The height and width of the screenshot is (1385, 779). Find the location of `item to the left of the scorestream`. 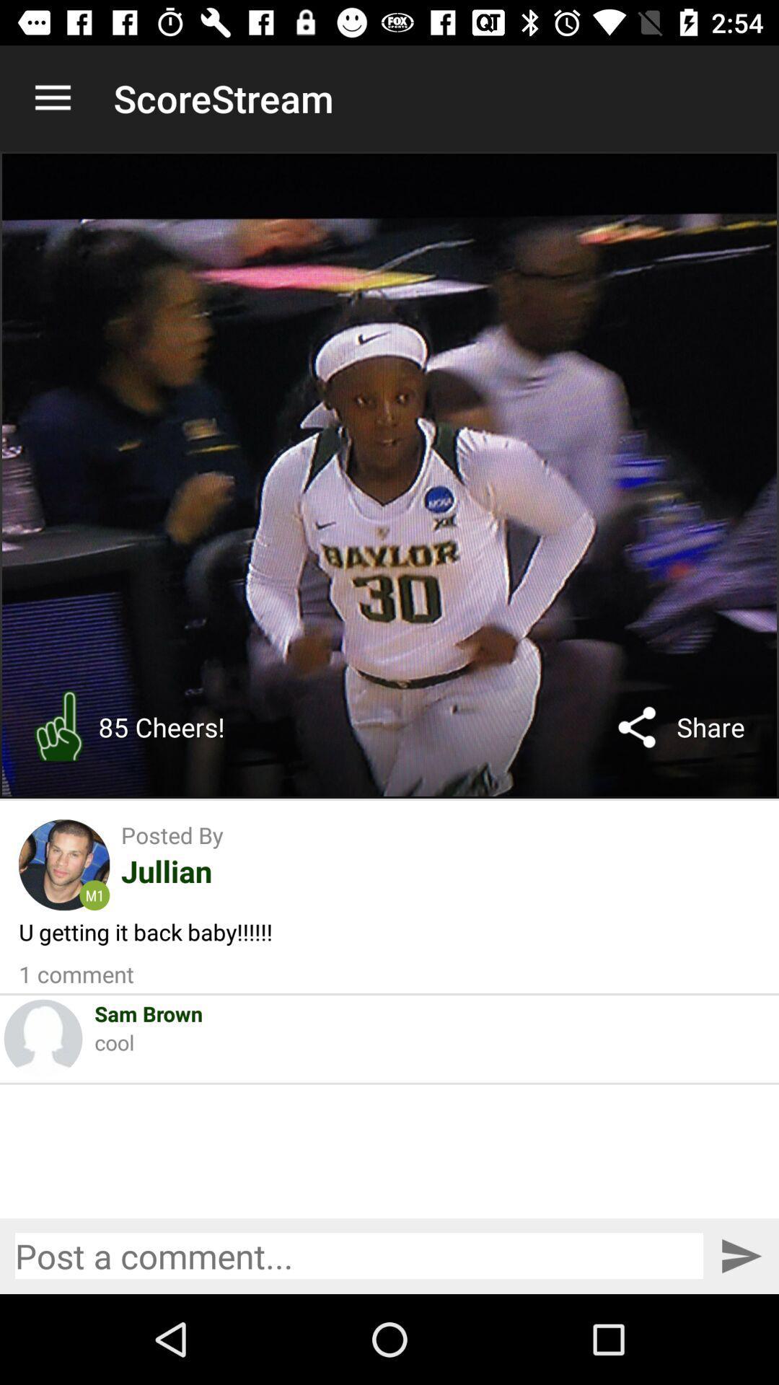

item to the left of the scorestream is located at coordinates (52, 97).